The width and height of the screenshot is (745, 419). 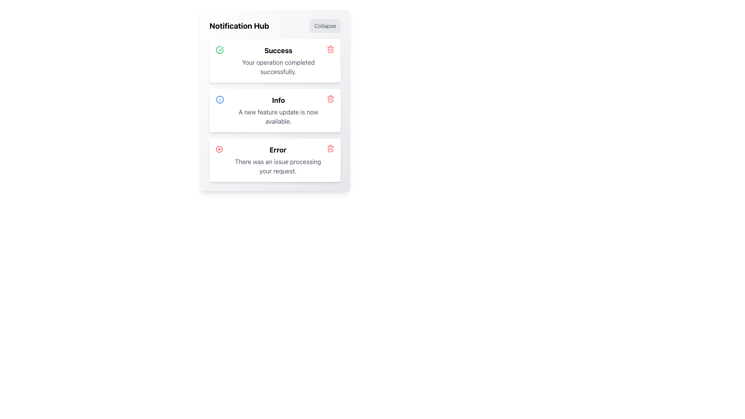 I want to click on the circular red outlined graphical element within the 'Error' notification card to initiate an action, so click(x=219, y=149).